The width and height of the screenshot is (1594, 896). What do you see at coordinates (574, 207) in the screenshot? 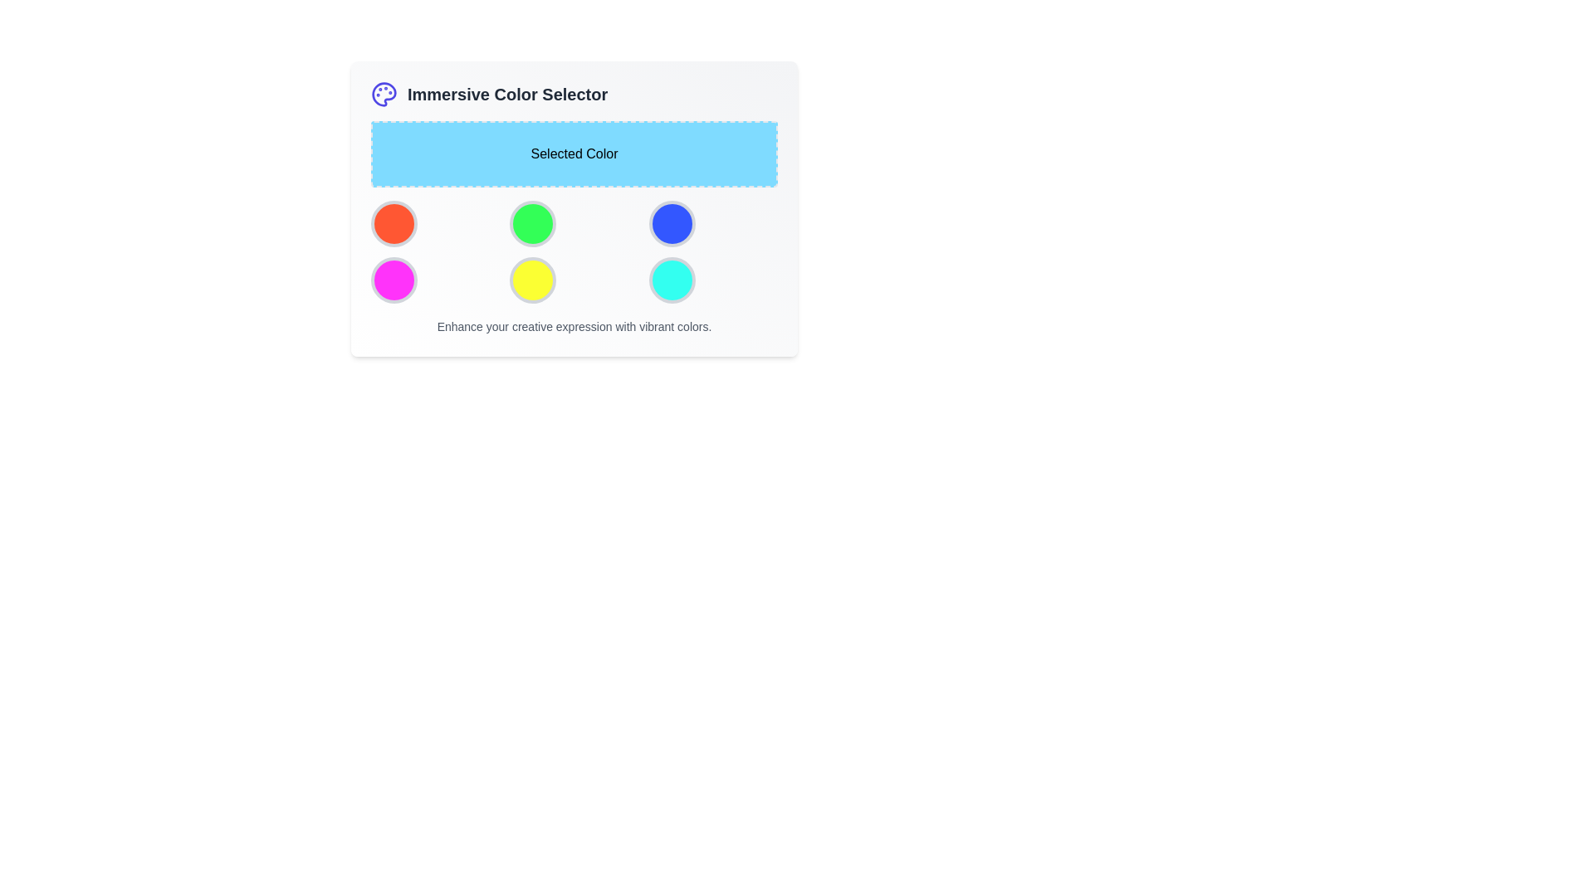
I see `the colored circular buttons in the 'Immersive Color Selector' section` at bounding box center [574, 207].